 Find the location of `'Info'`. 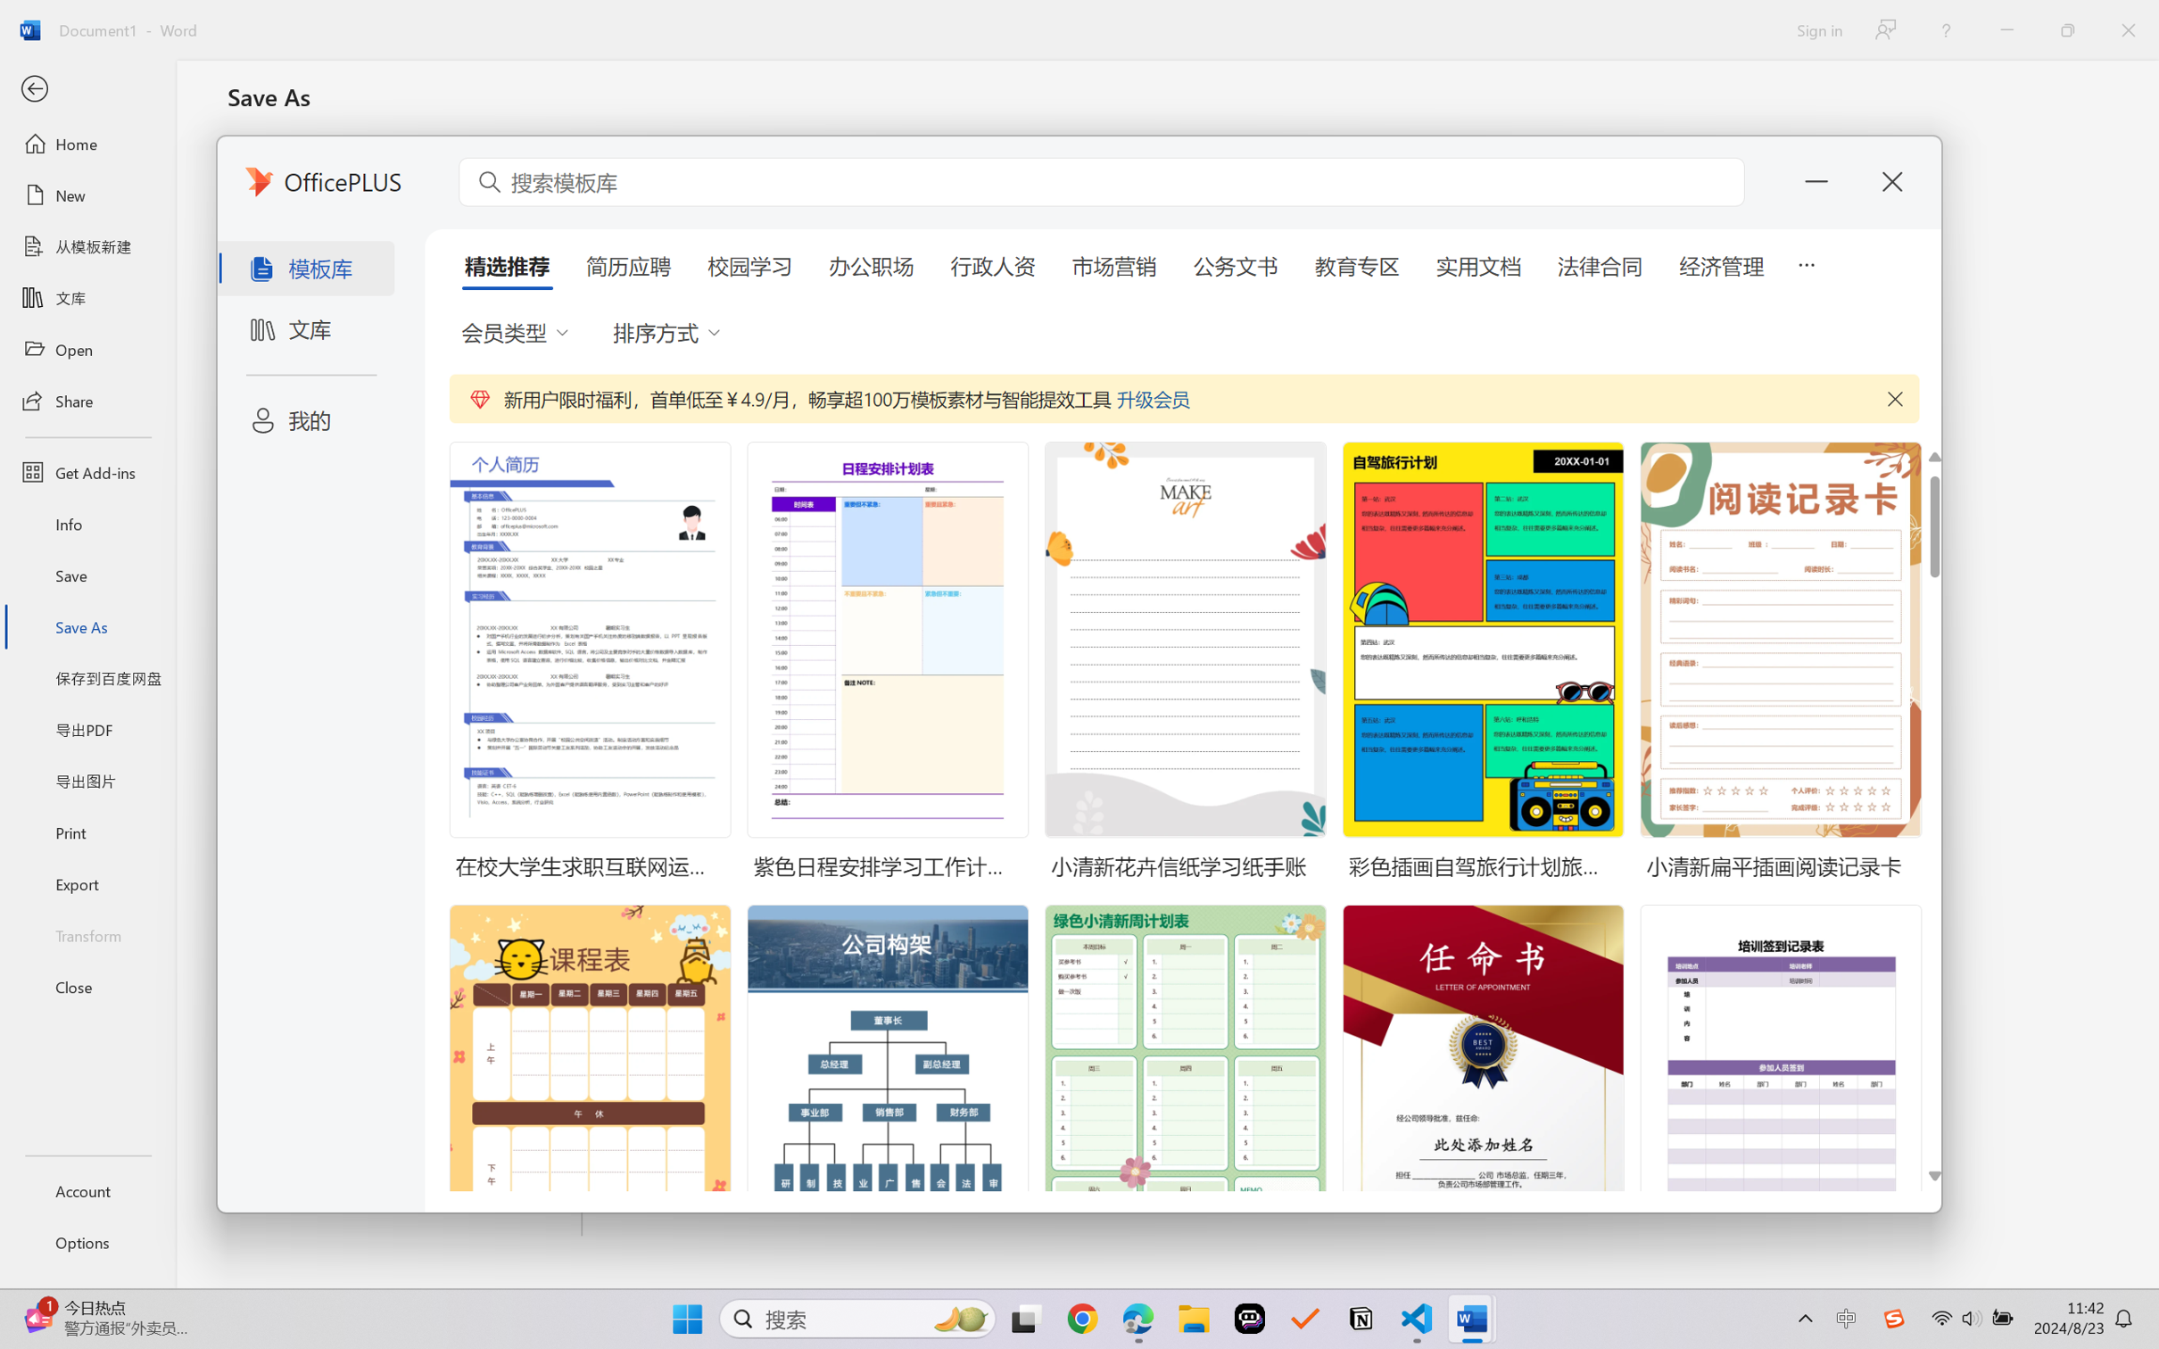

'Info' is located at coordinates (87, 523).